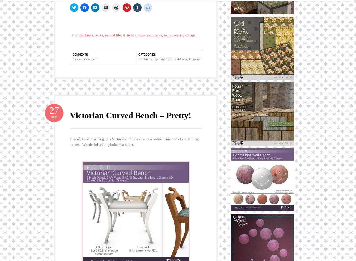  What do you see at coordinates (105, 35) in the screenshot?
I see `'second life'` at bounding box center [105, 35].